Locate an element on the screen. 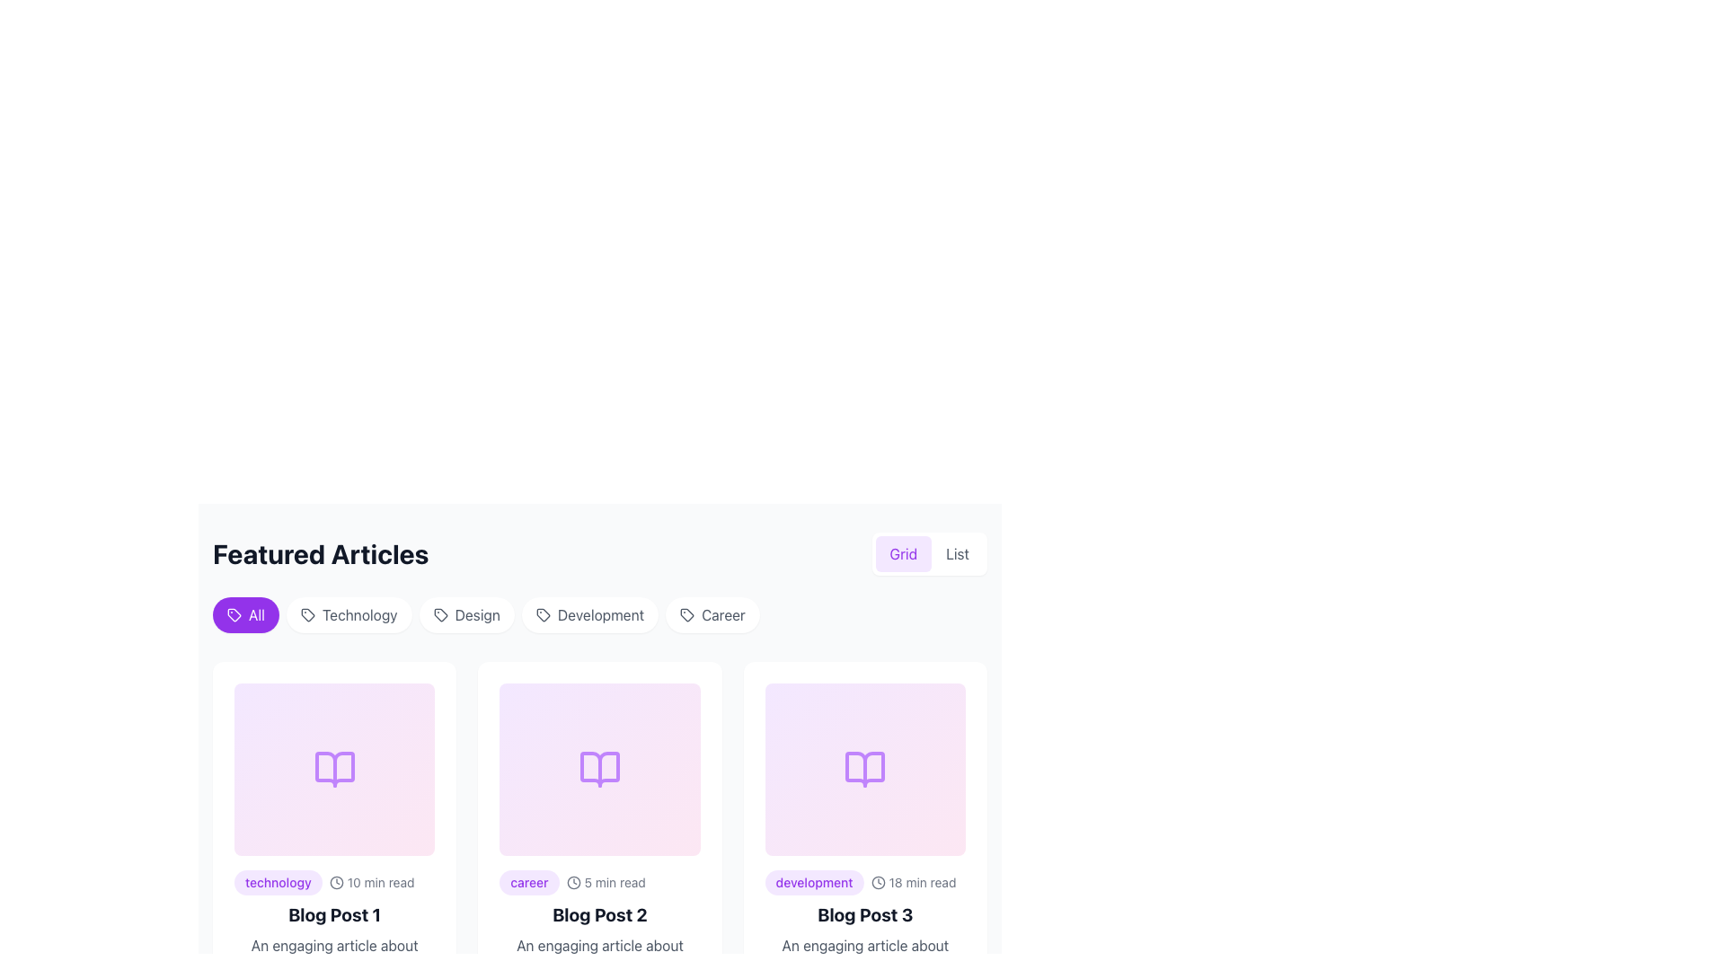 Image resolution: width=1725 pixels, height=970 pixels. the smaller circular element of the clock icon located next to the '18 min read' text under the third blog post titled 'Blog Post 3' is located at coordinates (878, 882).